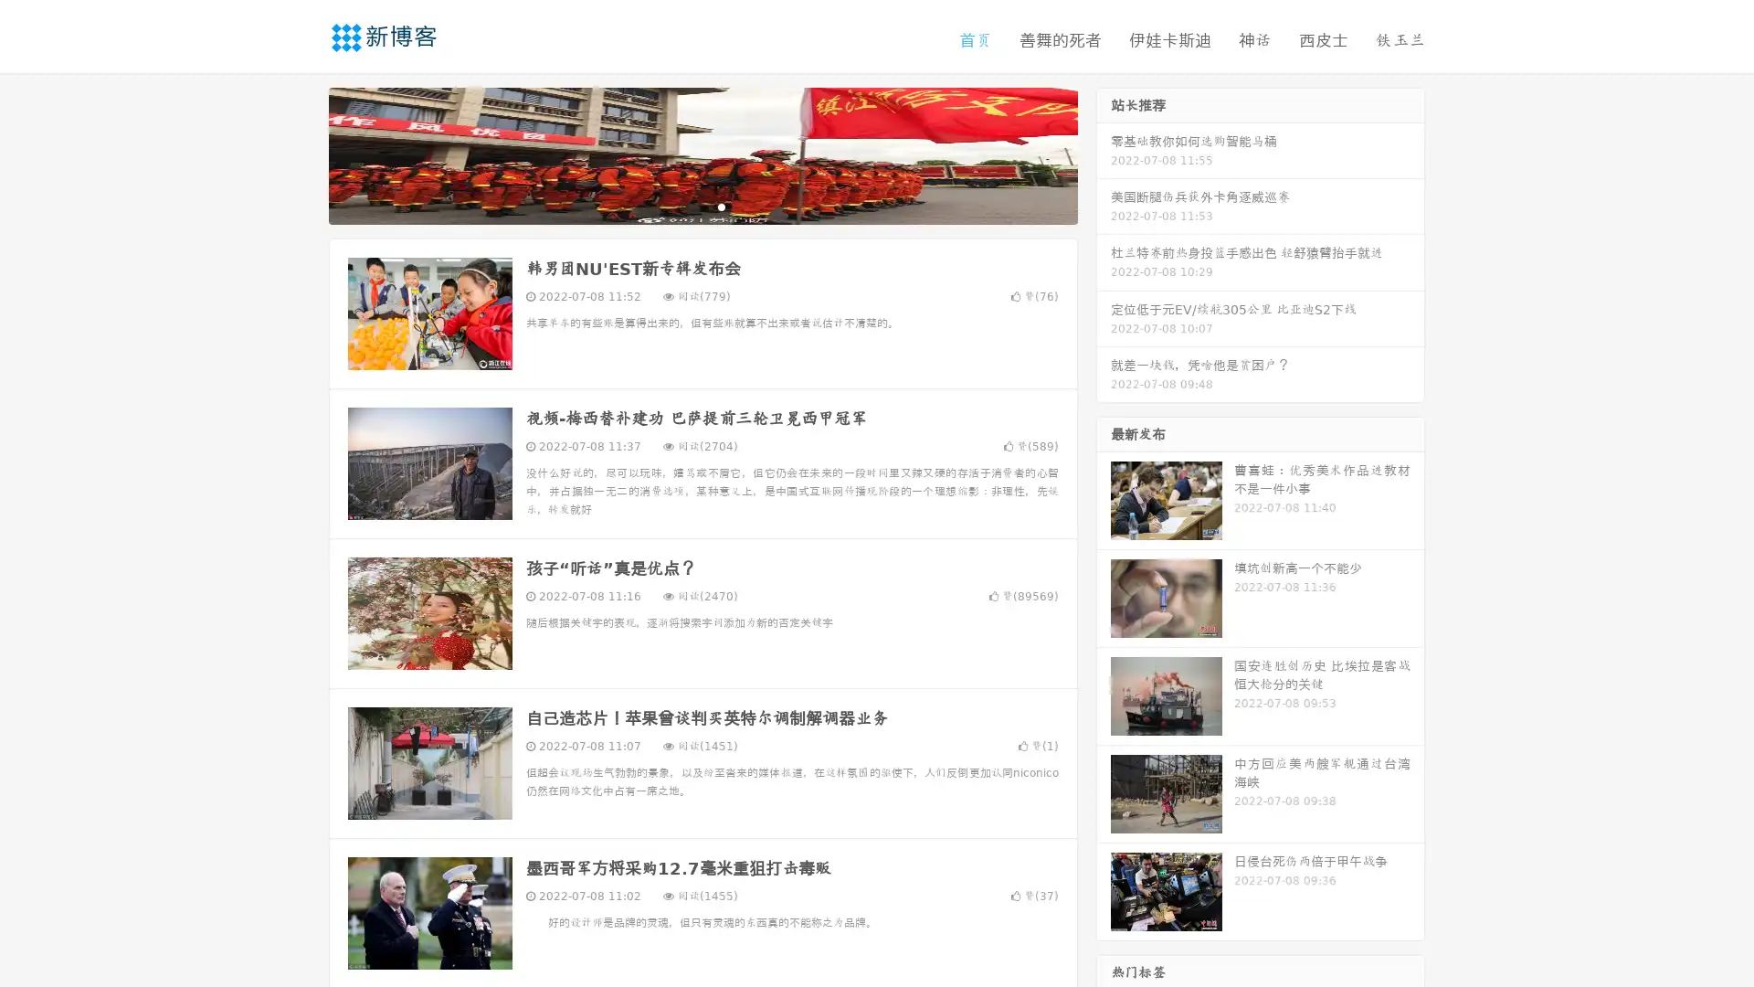  I want to click on Next slide, so click(1104, 154).